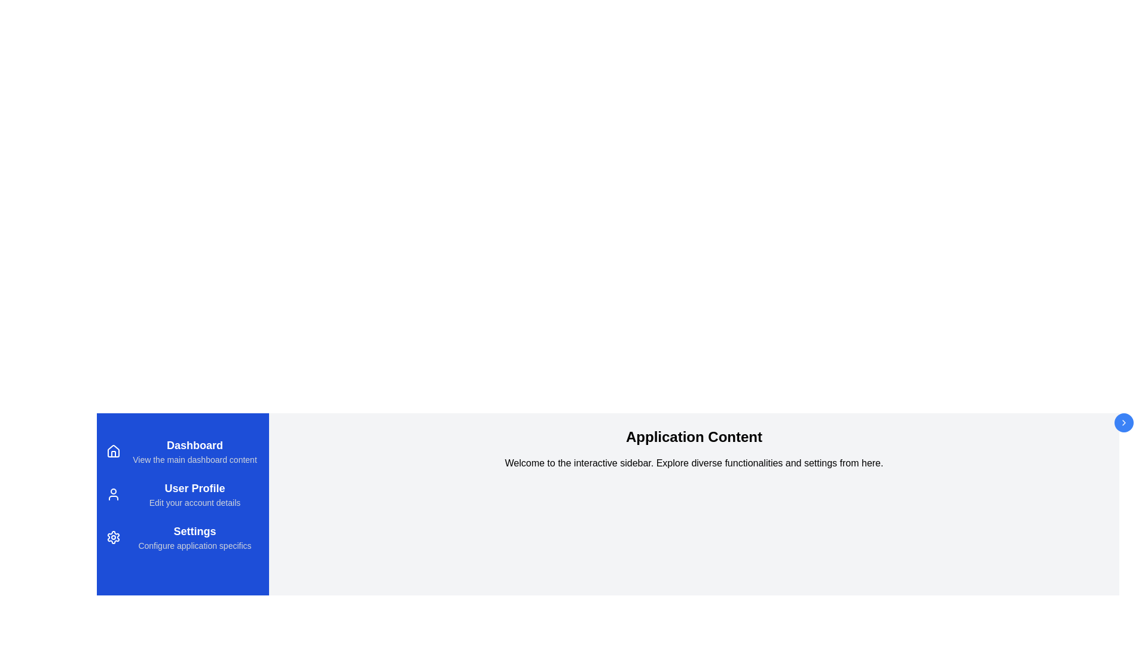  What do you see at coordinates (182, 536) in the screenshot?
I see `the menu item to navigate to Settings` at bounding box center [182, 536].